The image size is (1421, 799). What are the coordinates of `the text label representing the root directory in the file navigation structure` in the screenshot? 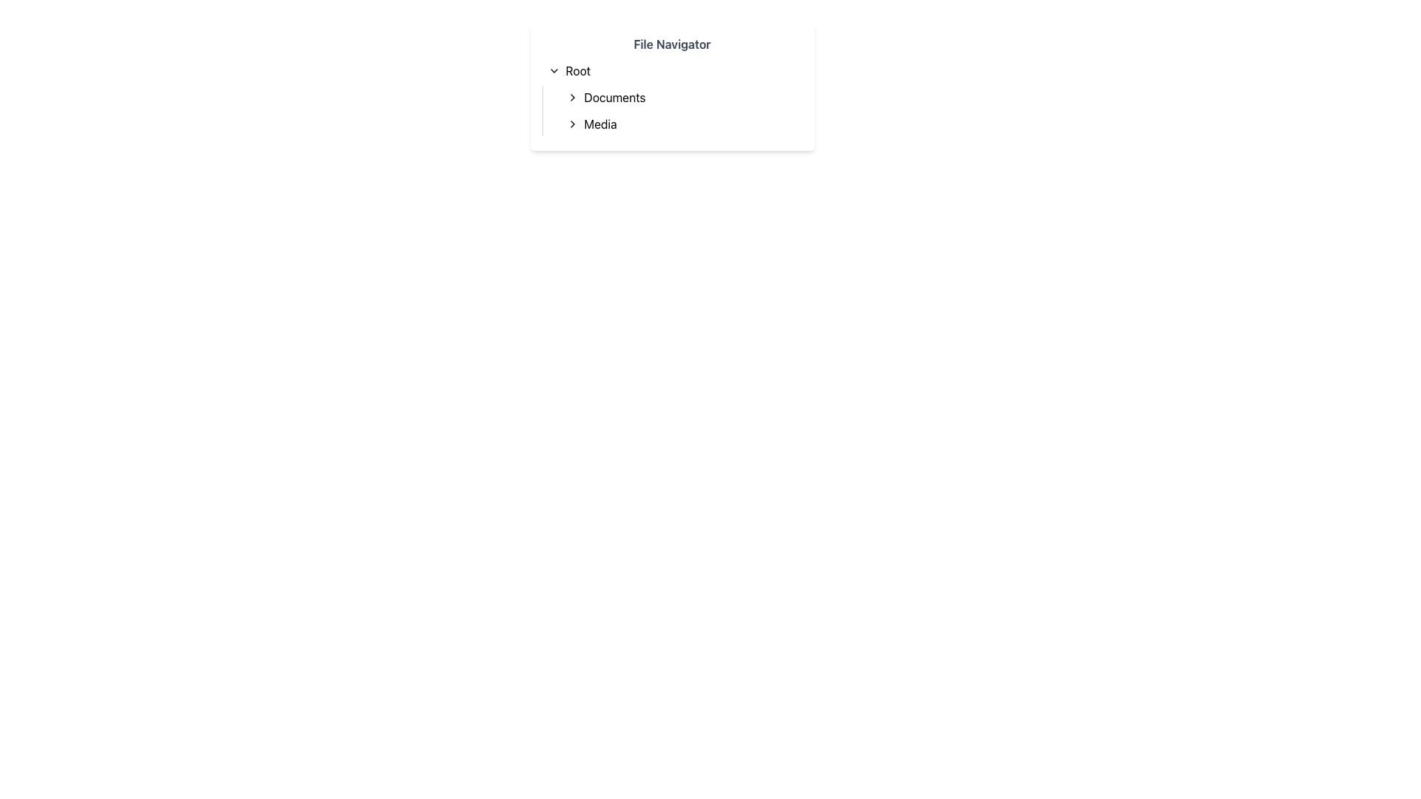 It's located at (577, 71).